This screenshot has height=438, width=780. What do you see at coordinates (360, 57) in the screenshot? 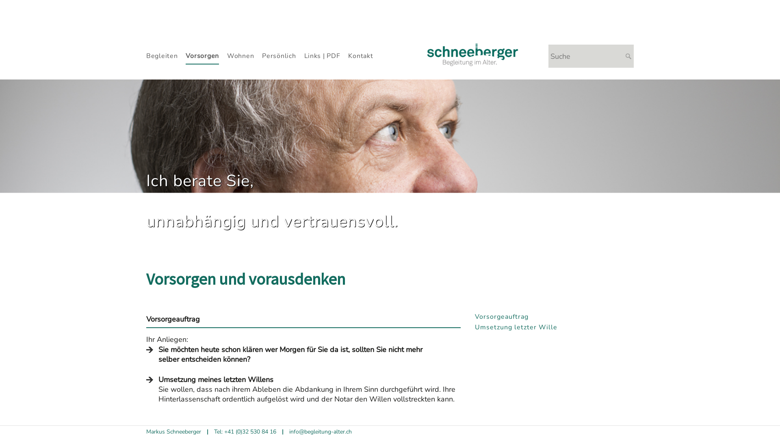
I see `'Kontakt'` at bounding box center [360, 57].